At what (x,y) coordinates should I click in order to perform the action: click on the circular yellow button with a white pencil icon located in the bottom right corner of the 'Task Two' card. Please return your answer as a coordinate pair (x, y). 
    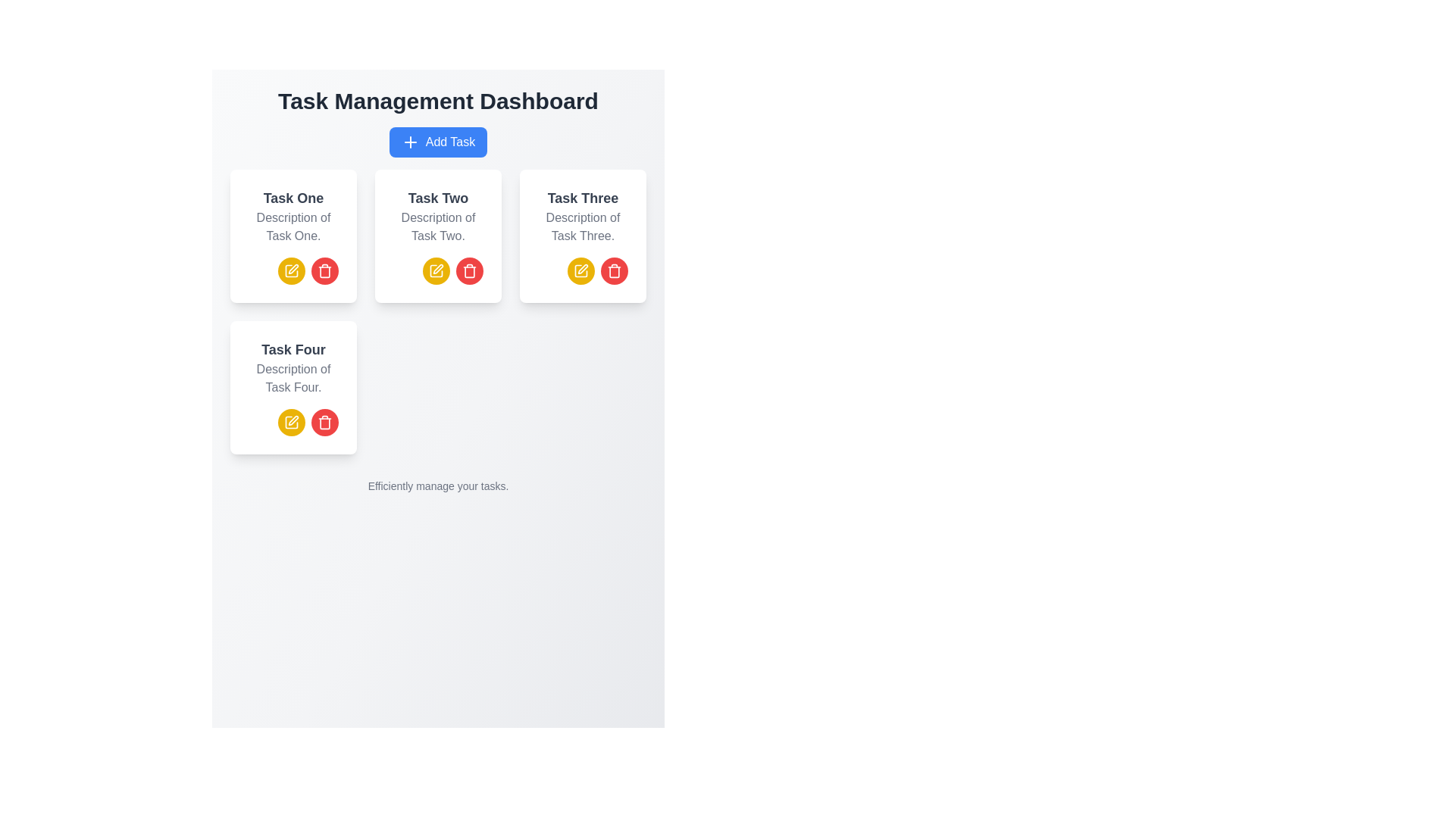
    Looking at the image, I should click on (437, 270).